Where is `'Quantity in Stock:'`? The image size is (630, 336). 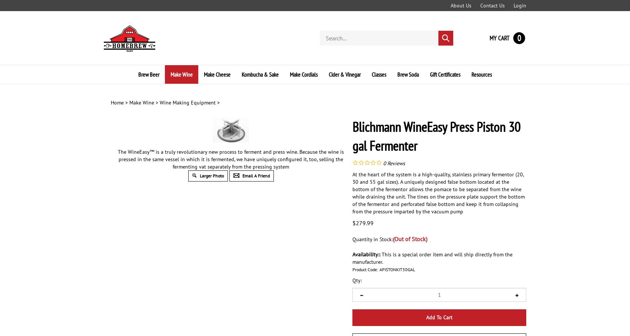 'Quantity in Stock:' is located at coordinates (372, 239).